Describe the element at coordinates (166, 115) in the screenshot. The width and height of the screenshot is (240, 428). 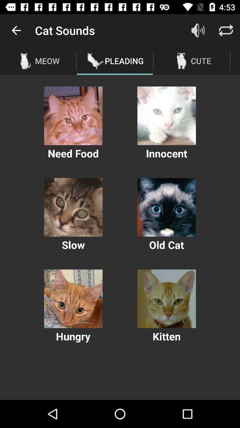
I see `lets you choose a certain kind of cat` at that location.